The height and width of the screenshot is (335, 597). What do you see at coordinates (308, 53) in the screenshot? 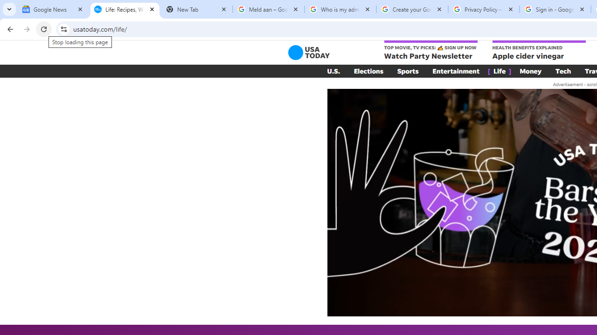
I see `'USA TODAY'` at bounding box center [308, 53].